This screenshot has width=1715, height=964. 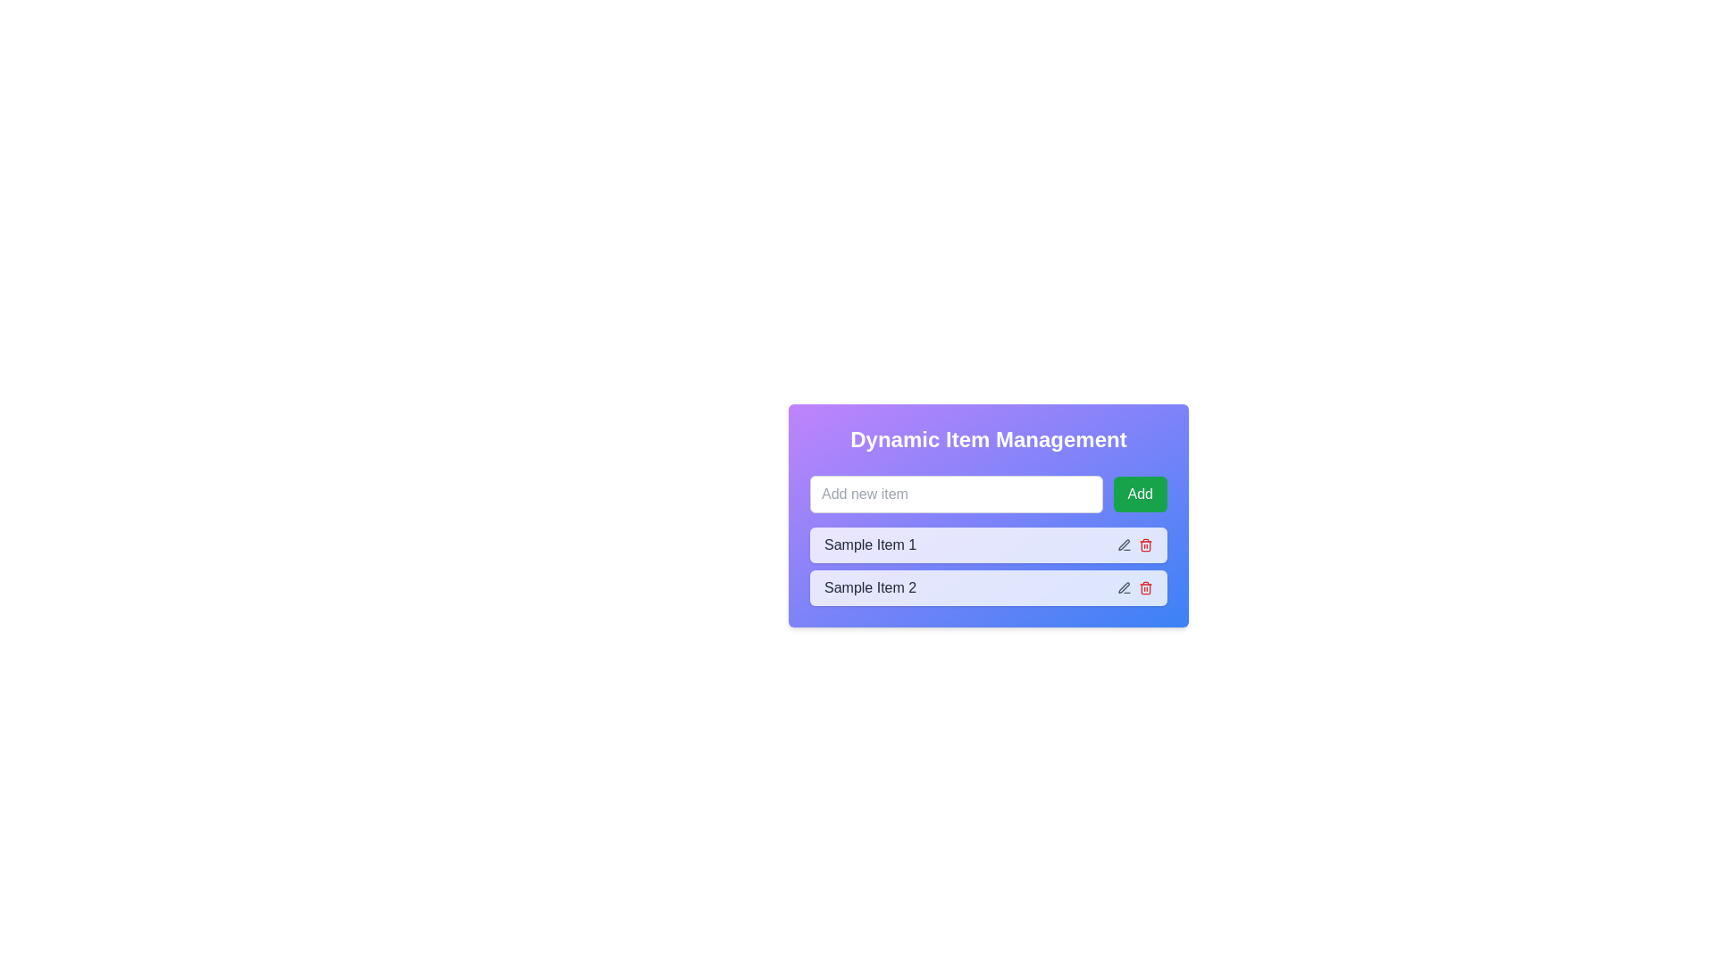 I want to click on the 'Edit' icon for 'Sample Item 2', located on the right side of the panel, so click(x=1123, y=544).